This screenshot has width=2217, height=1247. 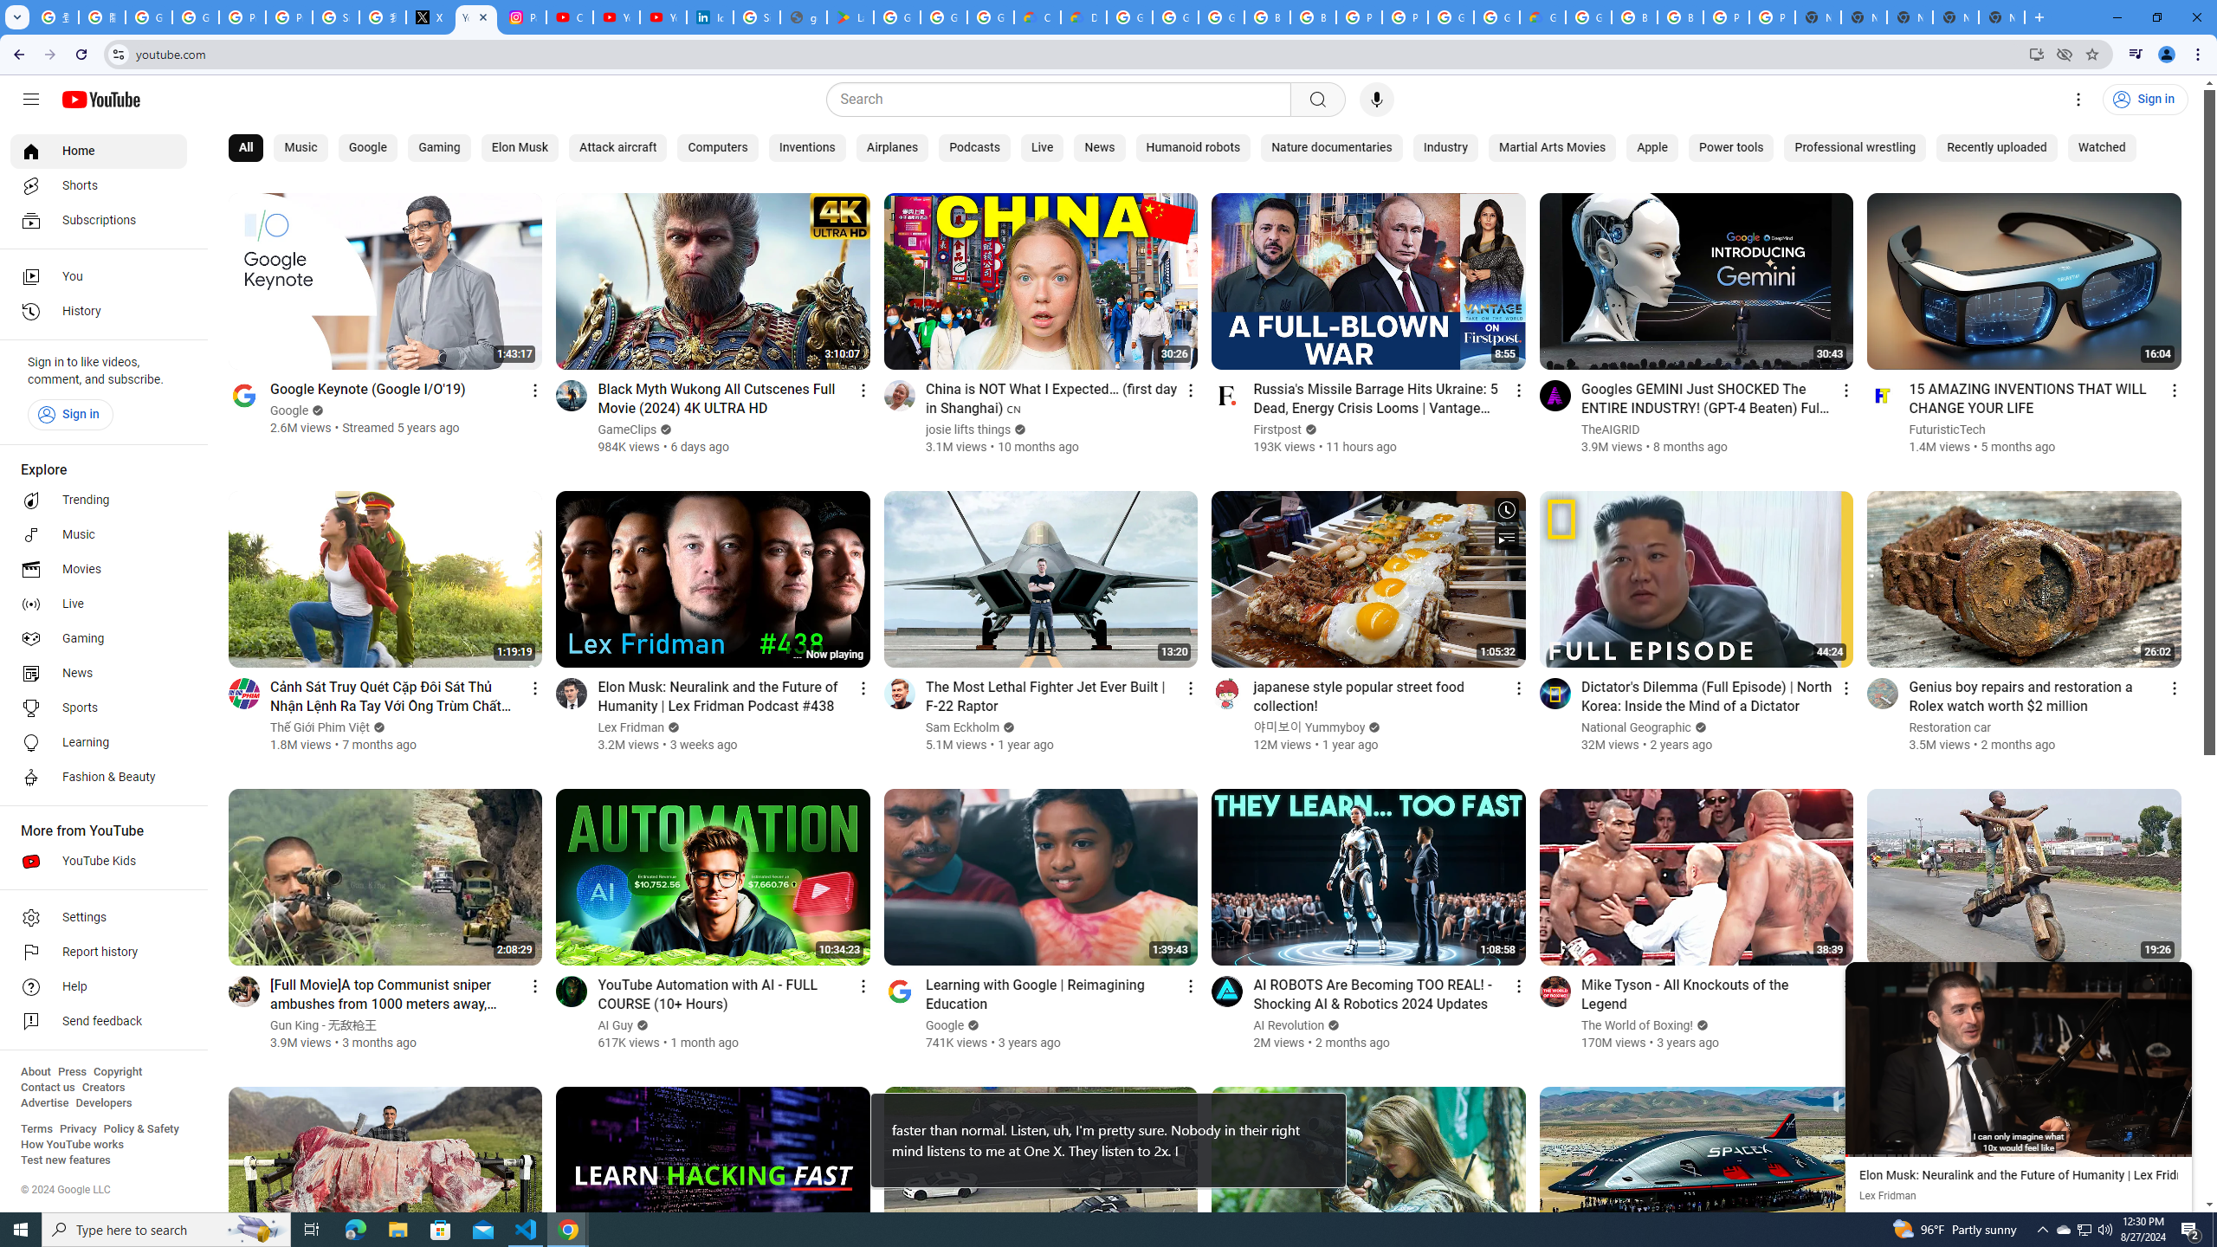 I want to click on 'Search with your voice', so click(x=1376, y=99).